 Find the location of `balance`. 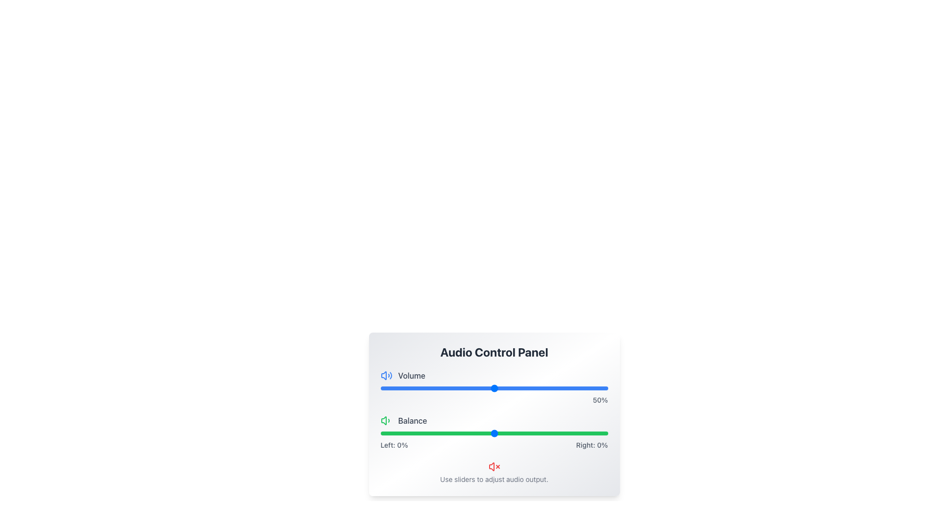

balance is located at coordinates (410, 433).